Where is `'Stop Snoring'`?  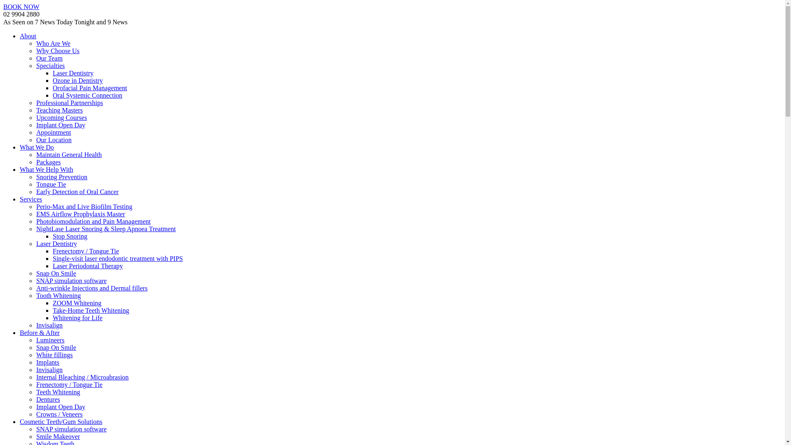
'Stop Snoring' is located at coordinates (52, 236).